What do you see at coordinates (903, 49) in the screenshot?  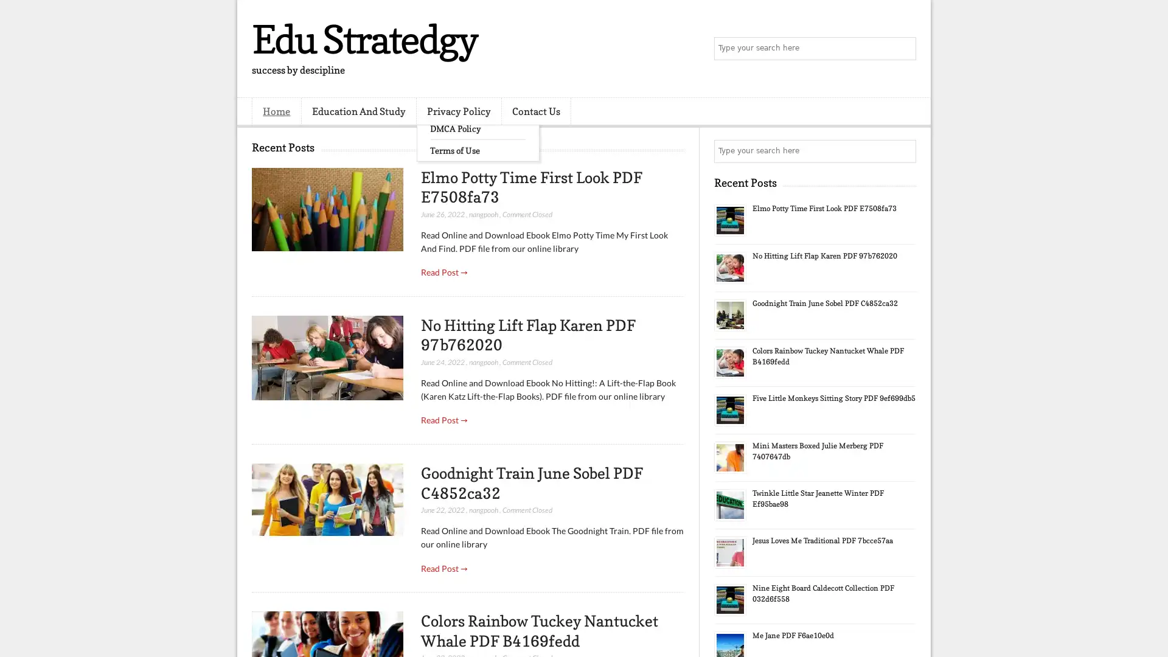 I see `Search` at bounding box center [903, 49].